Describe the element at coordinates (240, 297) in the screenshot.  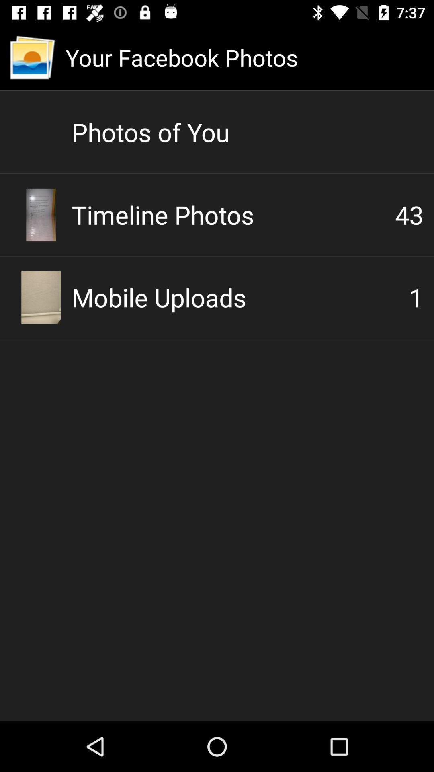
I see `app at the center` at that location.